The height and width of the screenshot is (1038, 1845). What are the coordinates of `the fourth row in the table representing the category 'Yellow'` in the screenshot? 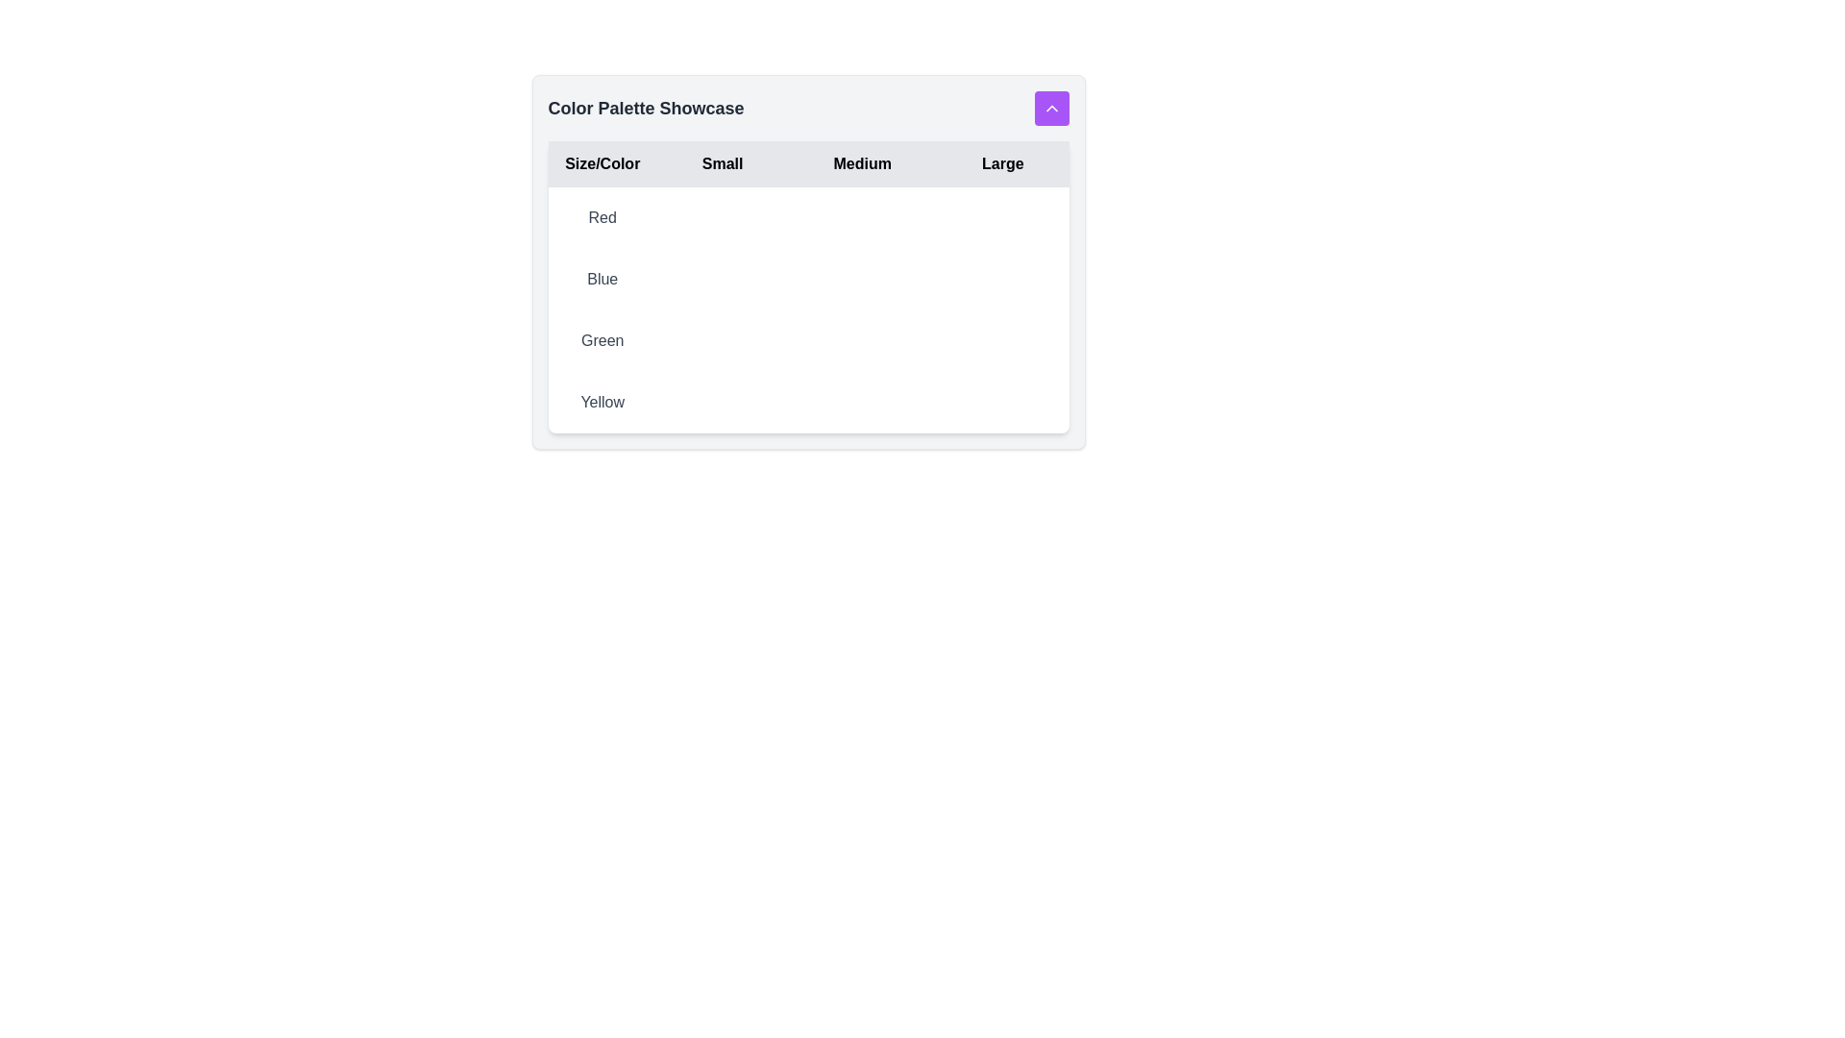 It's located at (808, 402).